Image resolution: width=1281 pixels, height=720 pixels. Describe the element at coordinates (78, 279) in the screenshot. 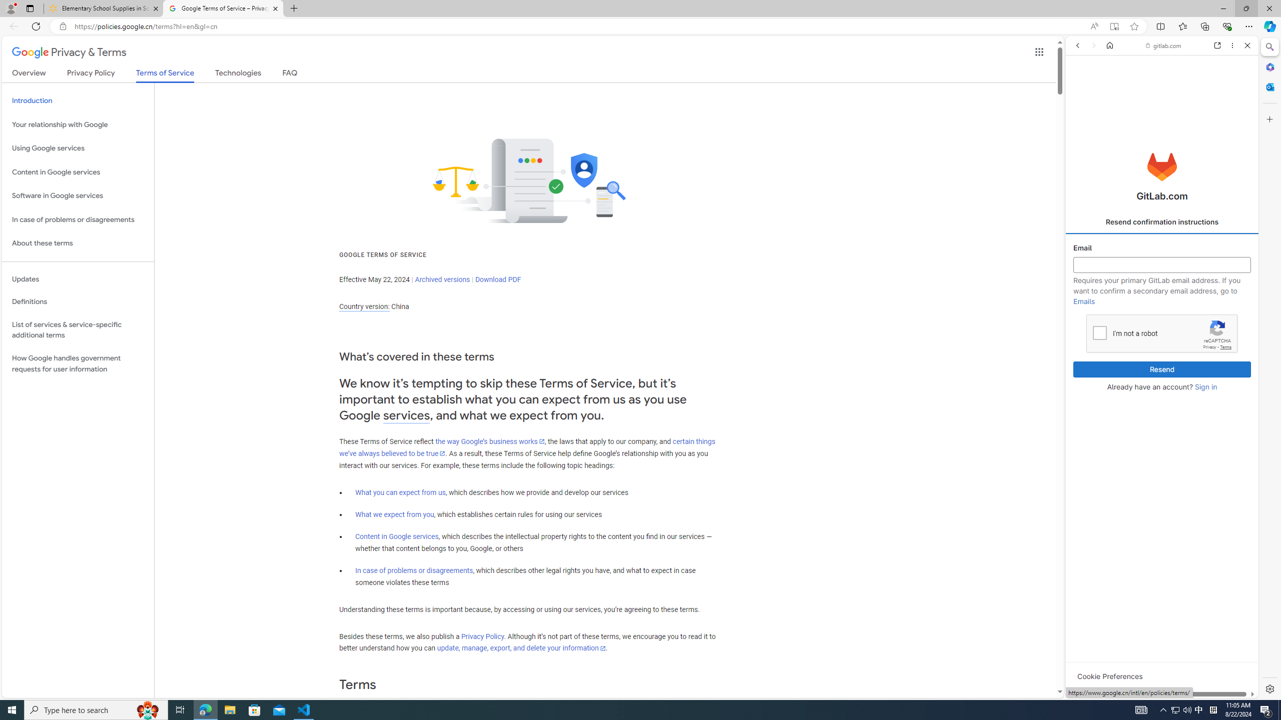

I see `'Updates'` at that location.